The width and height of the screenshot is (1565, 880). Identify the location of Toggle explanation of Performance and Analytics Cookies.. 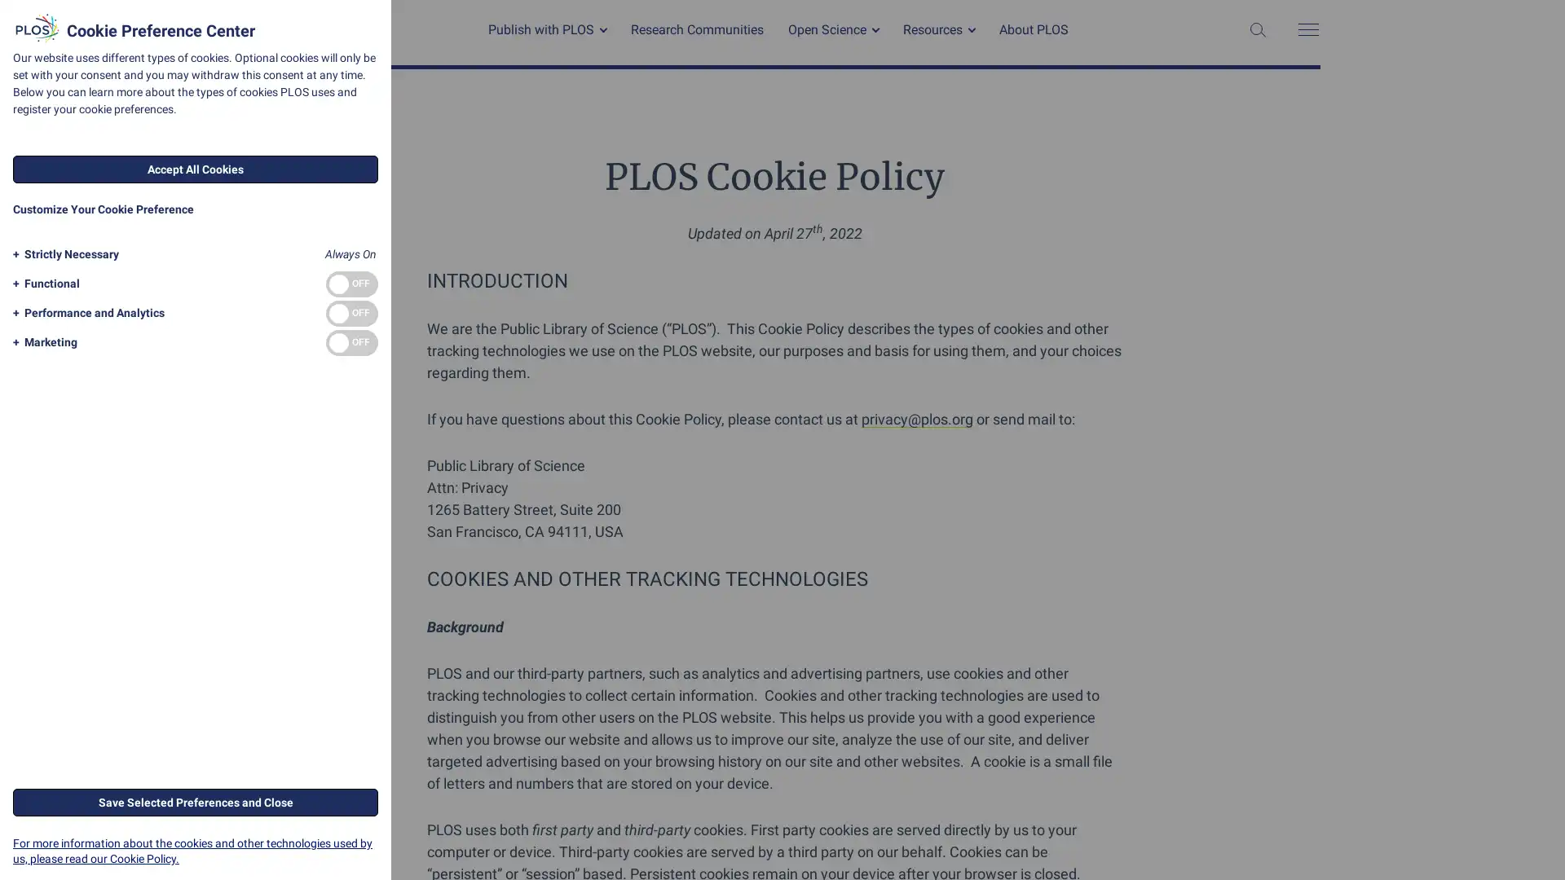
(85, 313).